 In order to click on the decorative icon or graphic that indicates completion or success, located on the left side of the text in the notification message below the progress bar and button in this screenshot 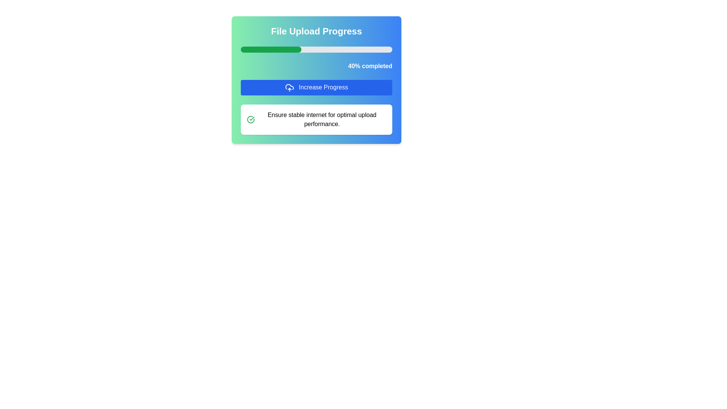, I will do `click(251, 119)`.